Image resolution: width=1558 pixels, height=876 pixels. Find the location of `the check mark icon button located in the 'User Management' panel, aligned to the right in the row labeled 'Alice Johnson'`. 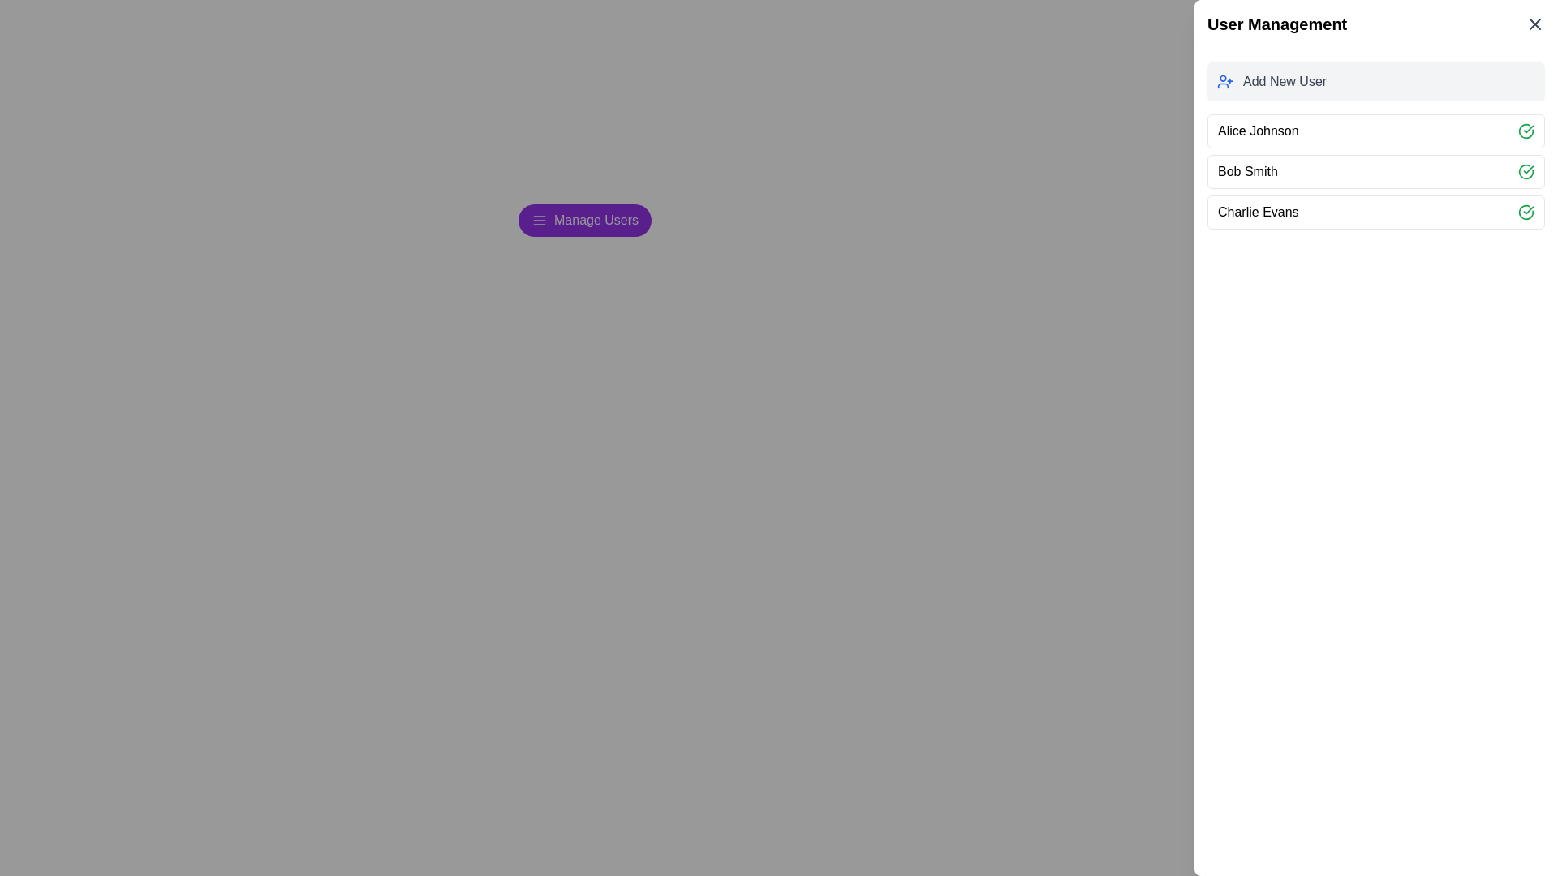

the check mark icon button located in the 'User Management' panel, aligned to the right in the row labeled 'Alice Johnson' is located at coordinates (1526, 131).